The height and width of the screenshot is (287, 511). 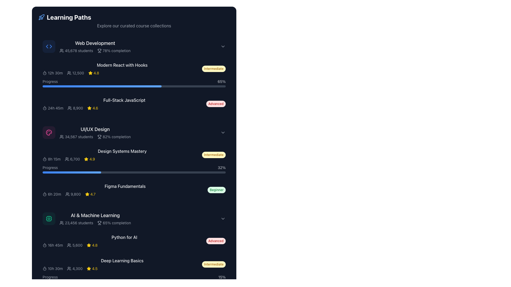 I want to click on the numerical rating '4.8' in the yellow star rating display component under the 'Python for AI' section for possible interactions, so click(x=92, y=245).